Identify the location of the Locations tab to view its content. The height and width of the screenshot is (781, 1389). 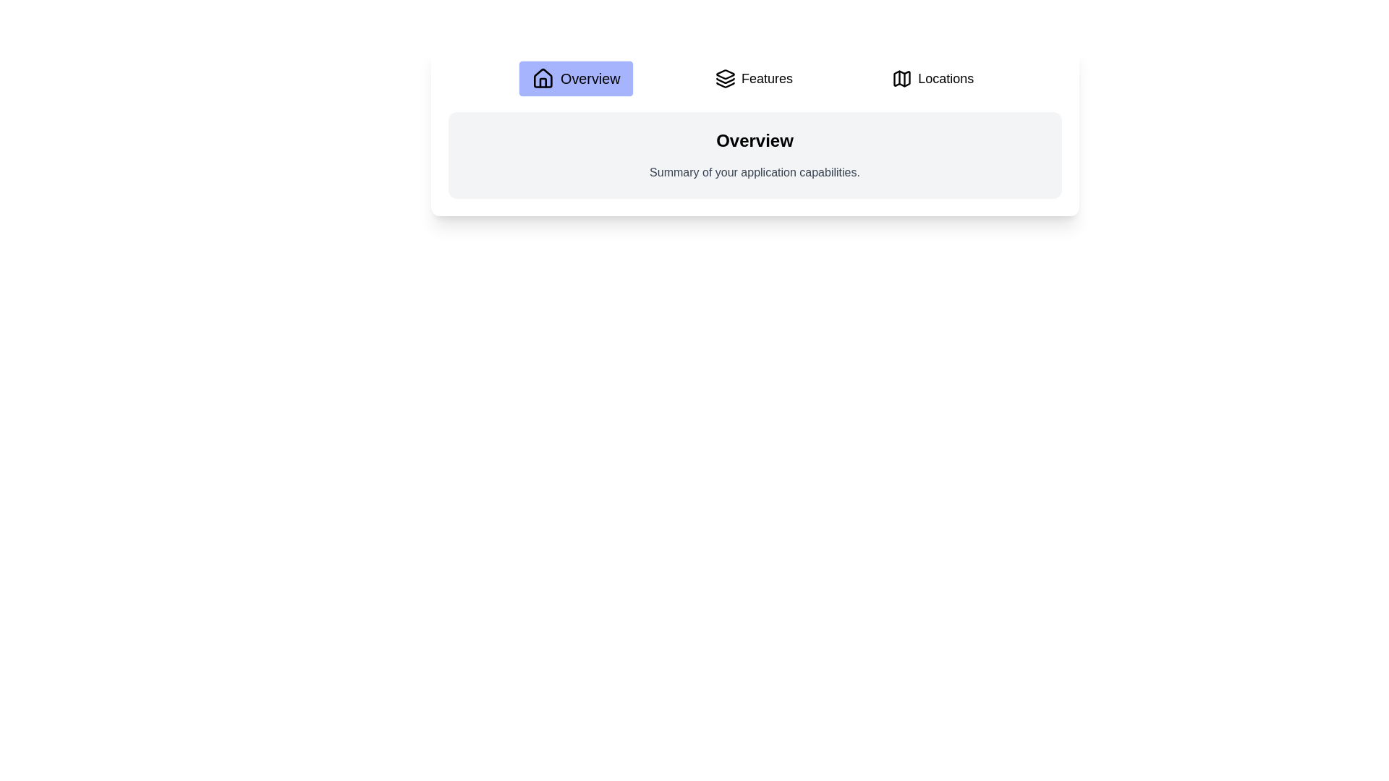
(933, 78).